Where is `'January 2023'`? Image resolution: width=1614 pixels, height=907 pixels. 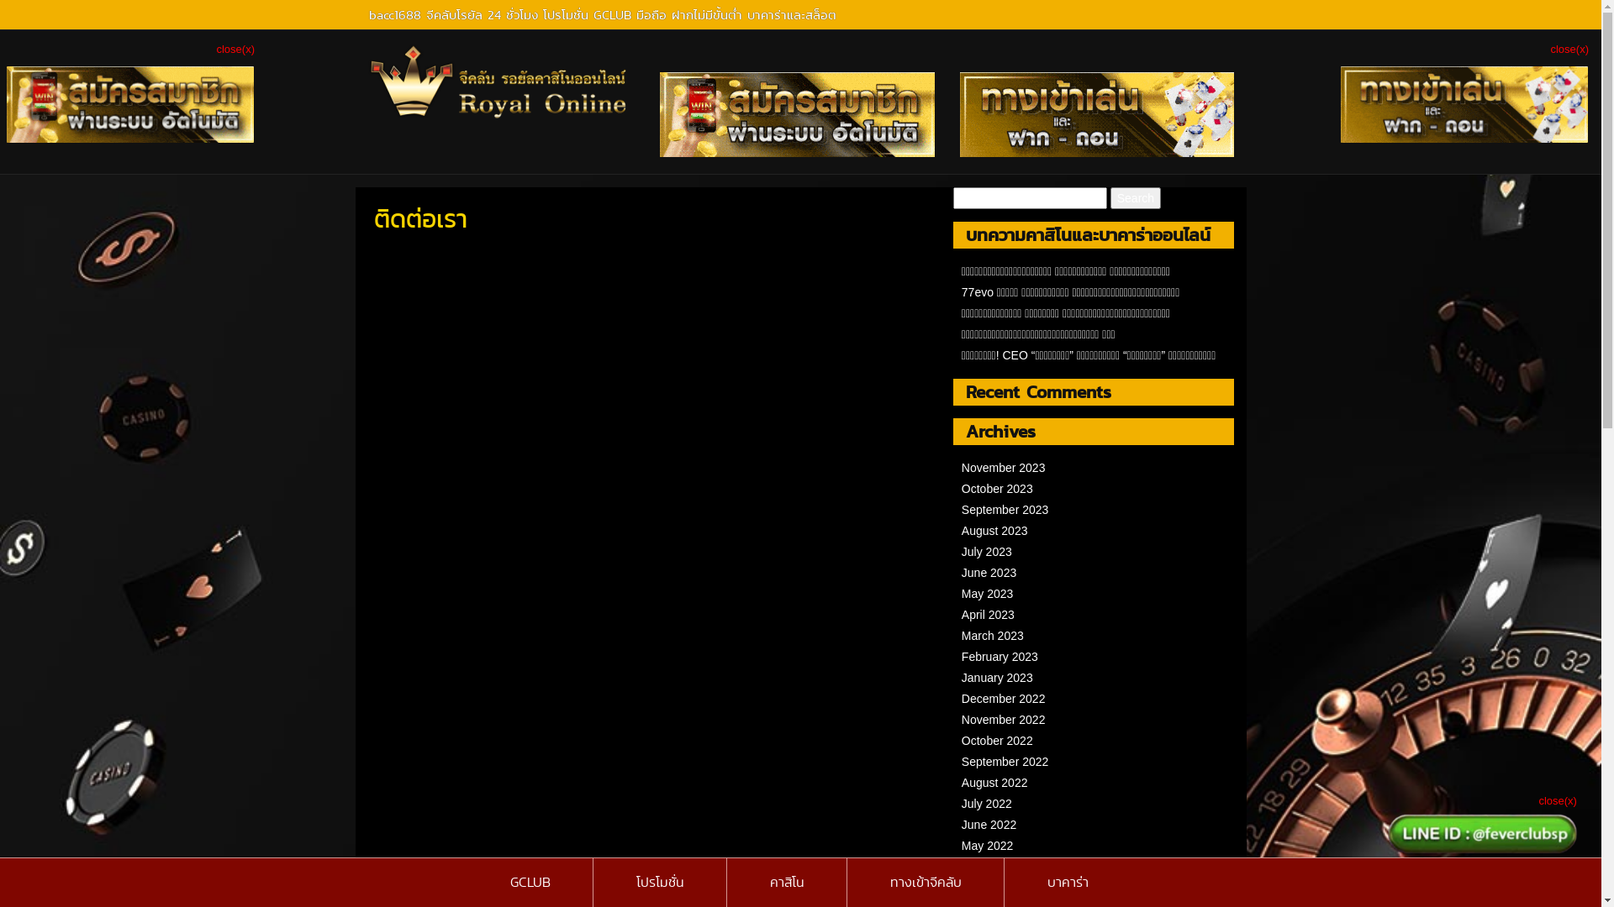 'January 2023' is located at coordinates (961, 676).